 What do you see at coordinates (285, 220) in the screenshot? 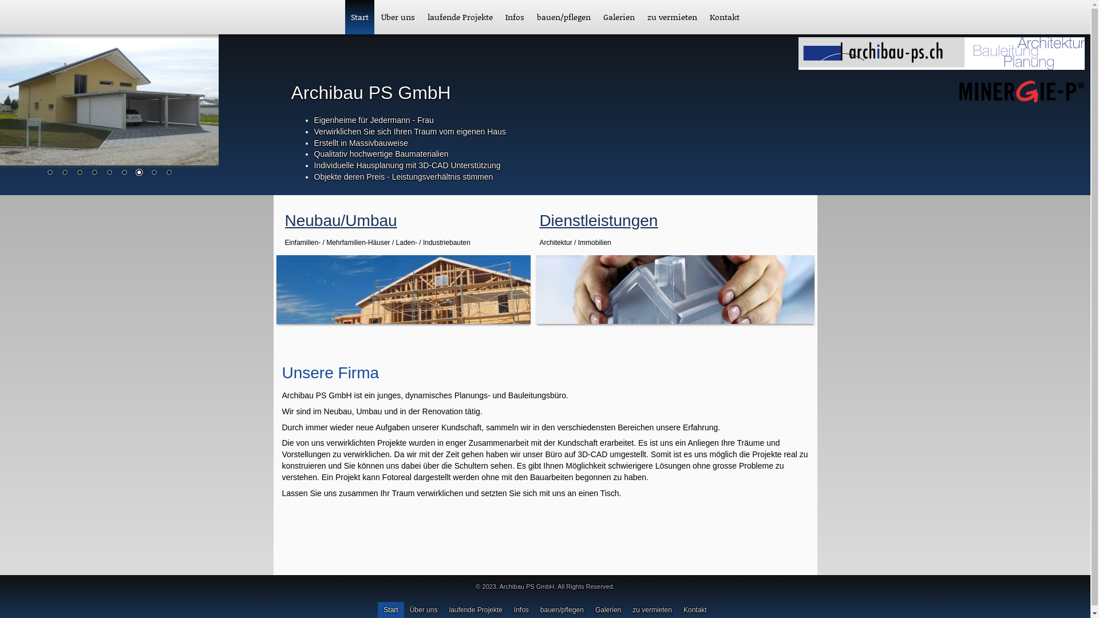
I see `'Neubau/Umbau'` at bounding box center [285, 220].